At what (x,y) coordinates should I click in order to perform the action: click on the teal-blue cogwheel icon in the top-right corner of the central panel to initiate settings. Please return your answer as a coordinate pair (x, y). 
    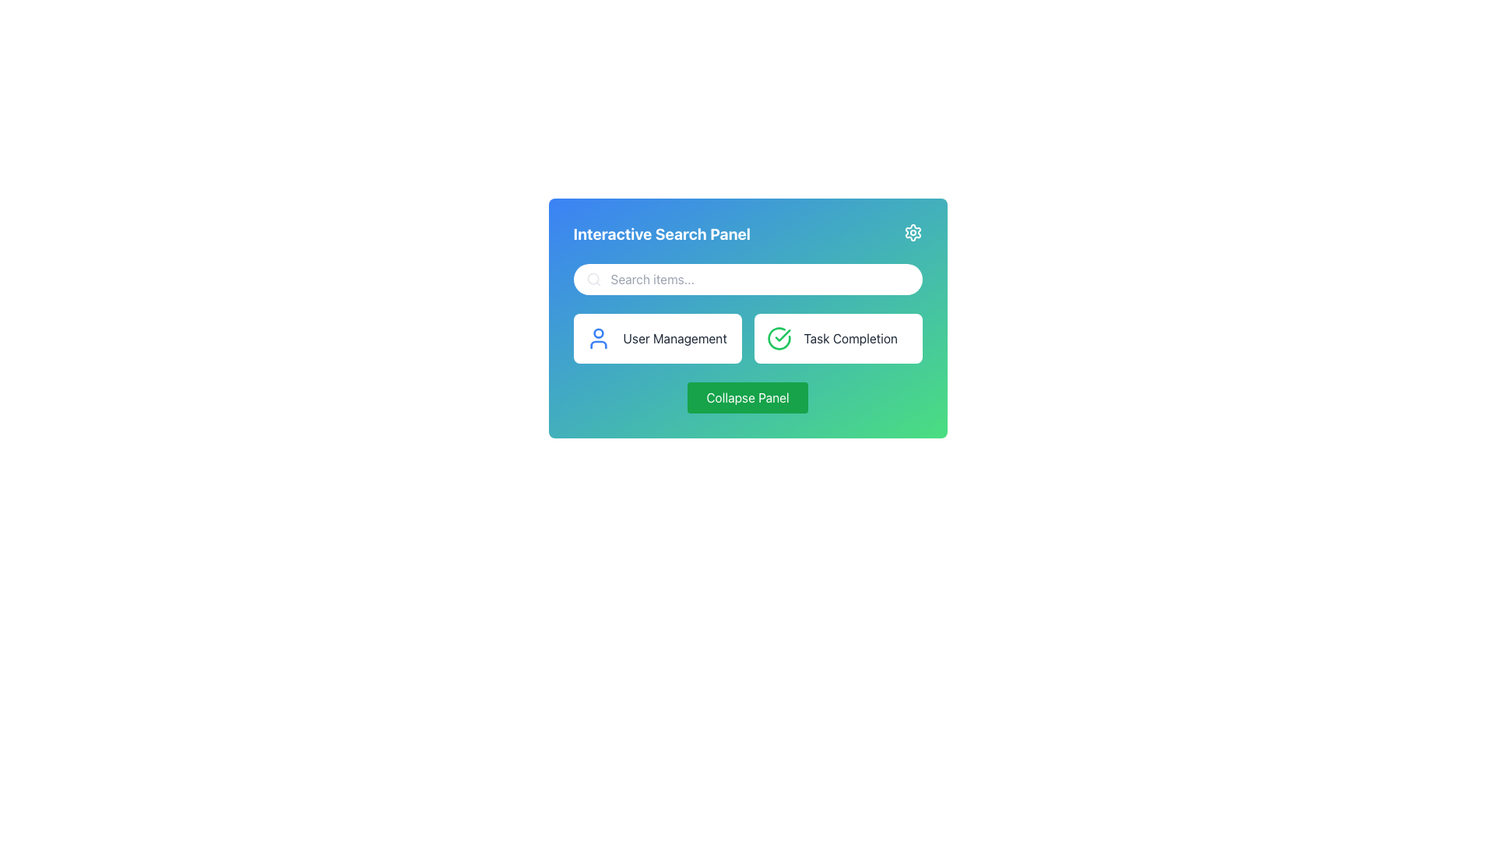
    Looking at the image, I should click on (913, 233).